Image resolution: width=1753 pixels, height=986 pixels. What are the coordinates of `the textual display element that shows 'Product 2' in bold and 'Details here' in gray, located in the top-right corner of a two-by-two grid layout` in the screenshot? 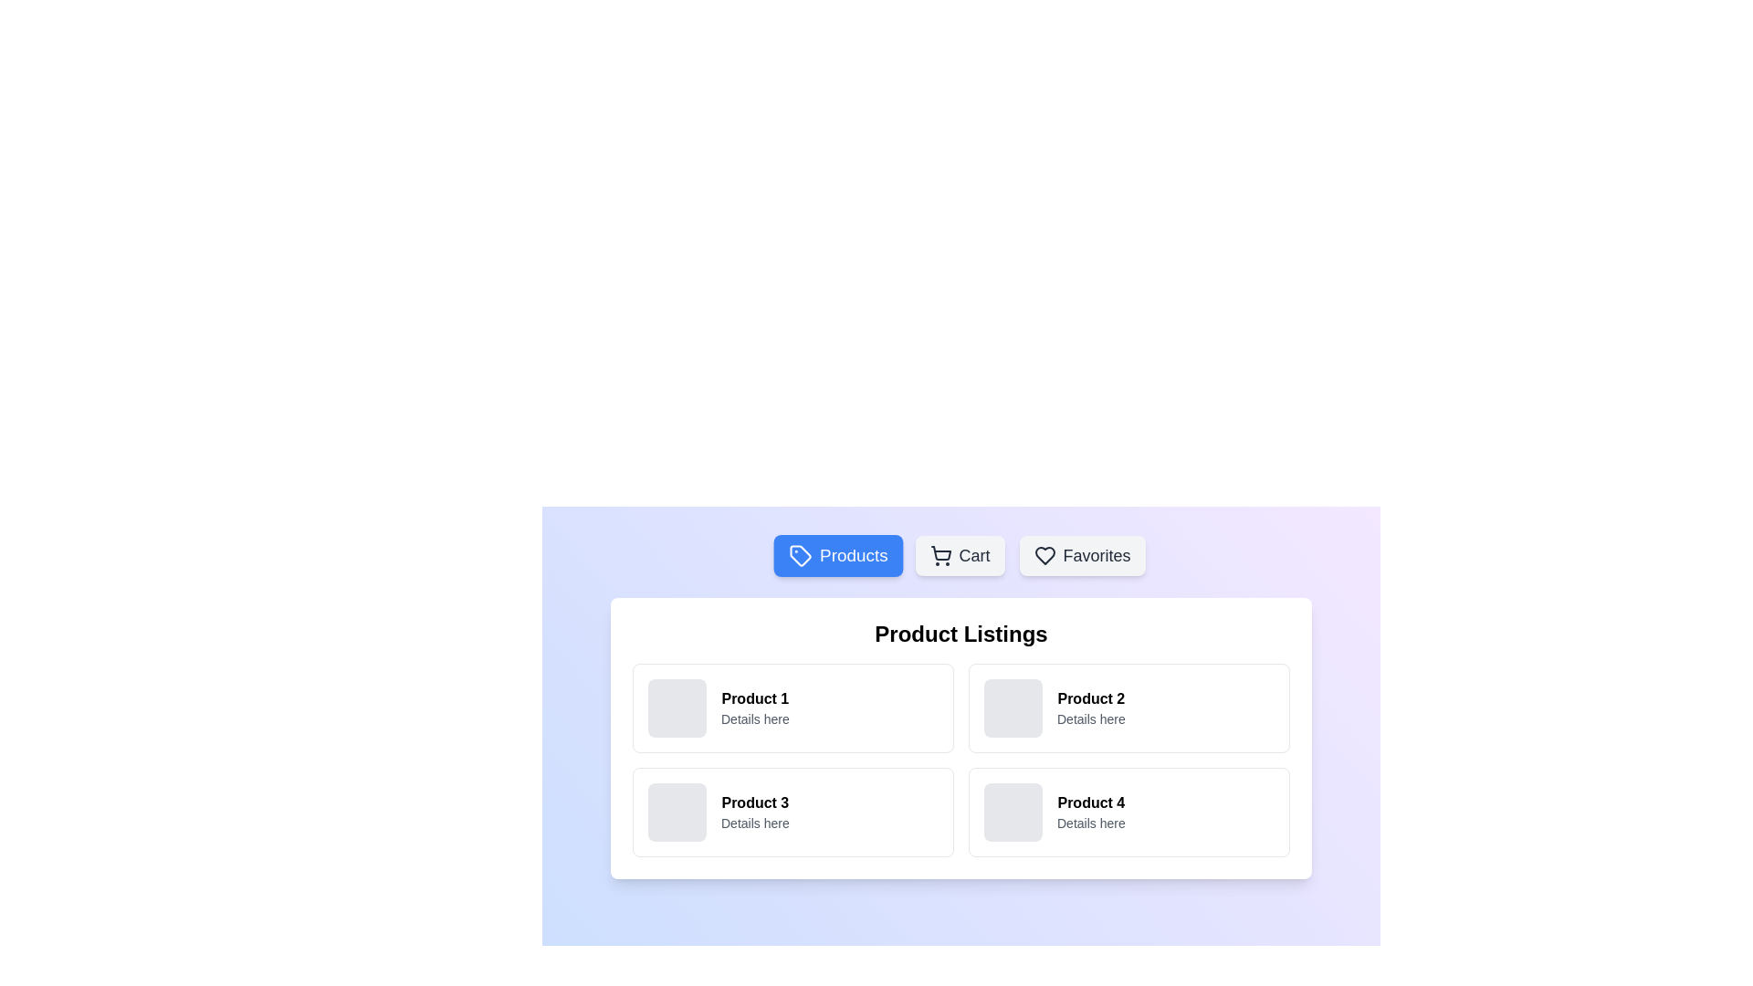 It's located at (1091, 707).